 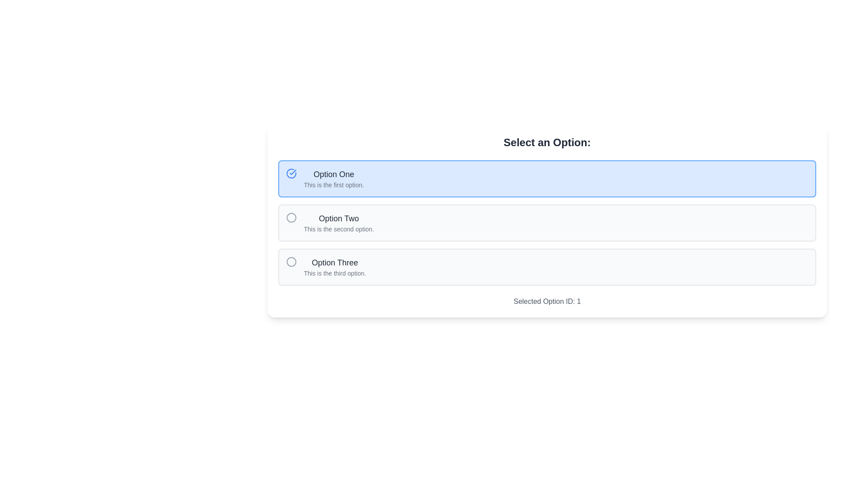 What do you see at coordinates (291, 261) in the screenshot?
I see `the radio button for 'Option Three' to receive interaction feedback` at bounding box center [291, 261].